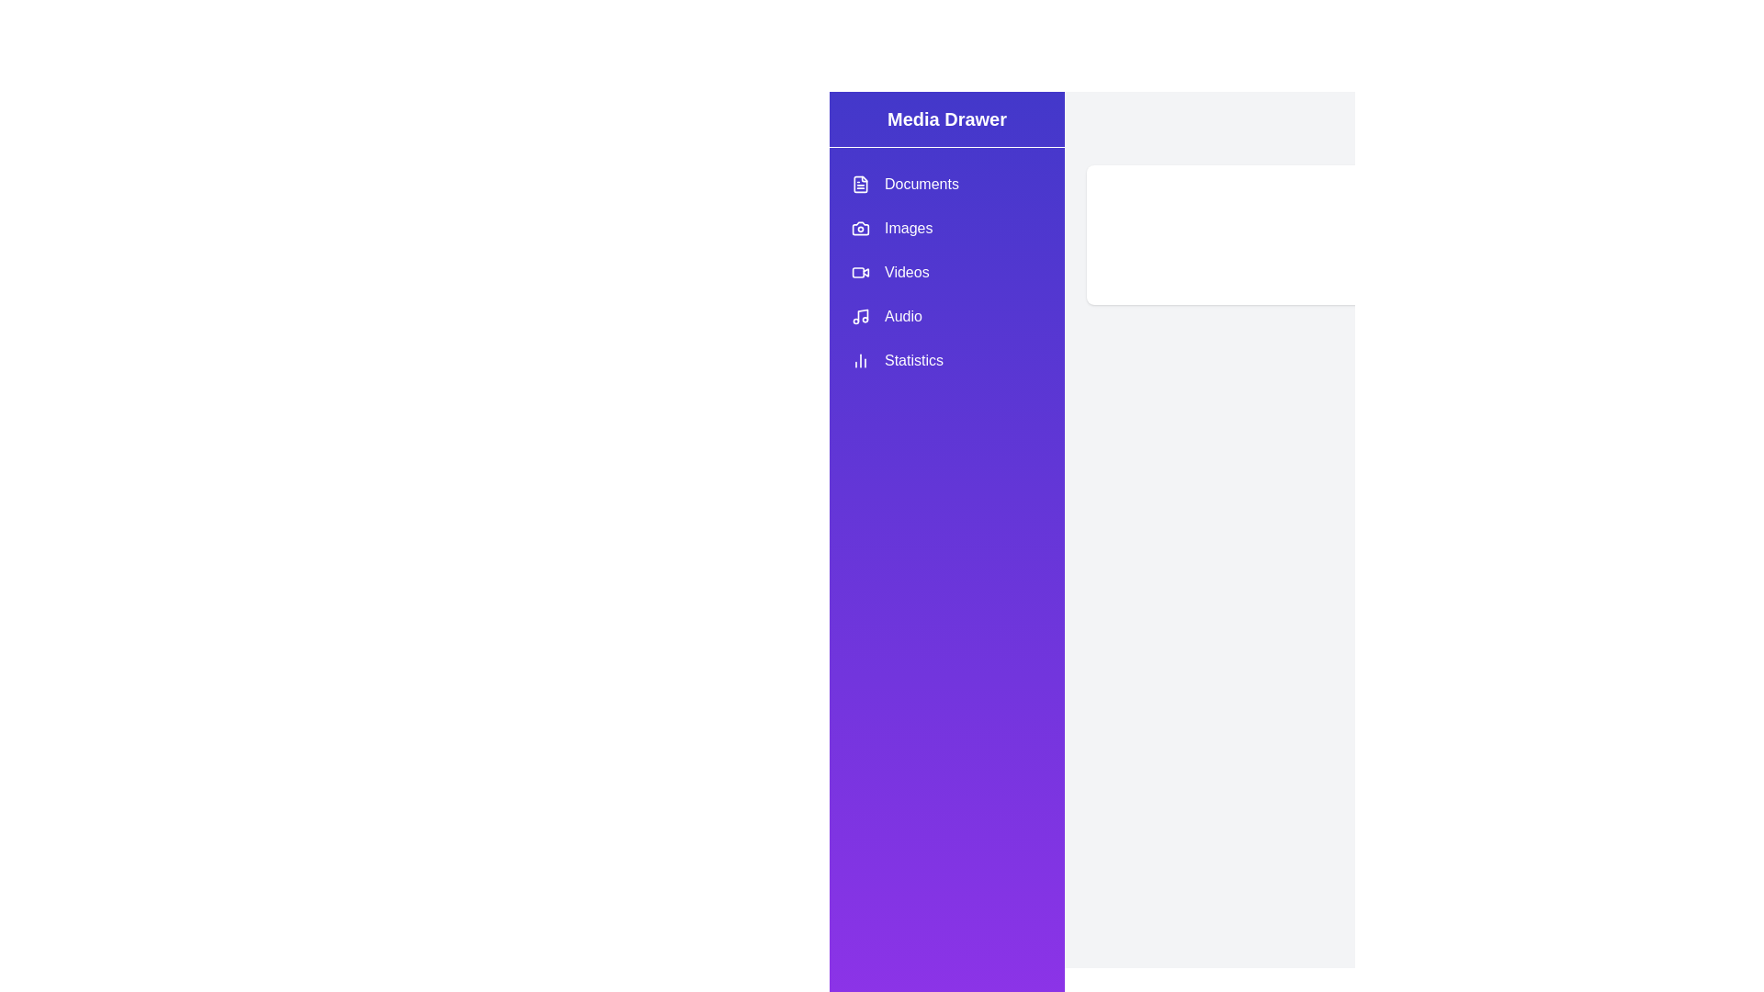 This screenshot has width=1764, height=992. Describe the element at coordinates (947, 184) in the screenshot. I see `the category Documents in the drawer` at that location.